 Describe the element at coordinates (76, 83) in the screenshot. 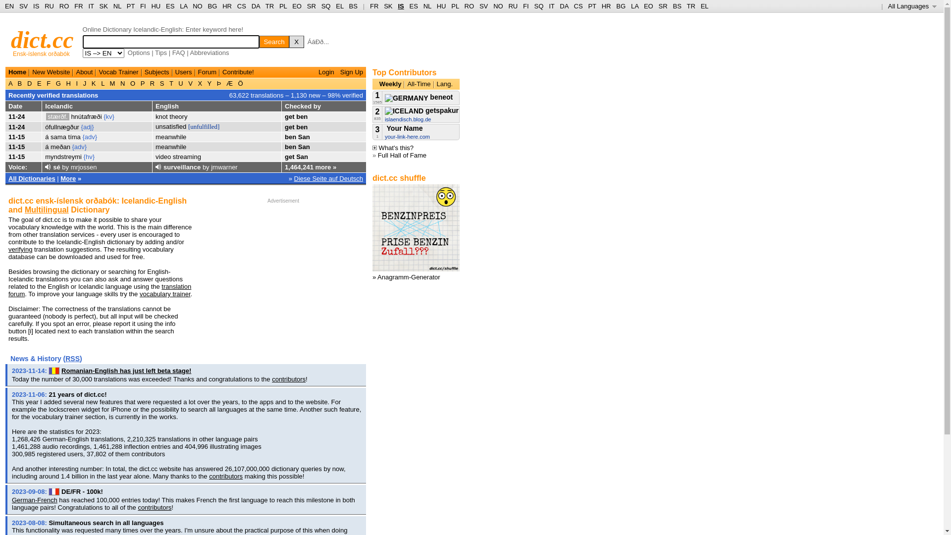

I see `'I'` at that location.